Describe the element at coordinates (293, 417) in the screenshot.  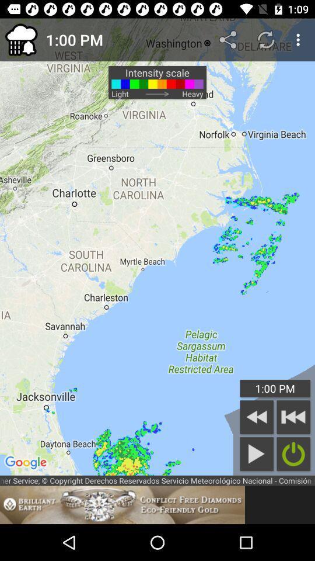
I see `the av_rewind icon` at that location.